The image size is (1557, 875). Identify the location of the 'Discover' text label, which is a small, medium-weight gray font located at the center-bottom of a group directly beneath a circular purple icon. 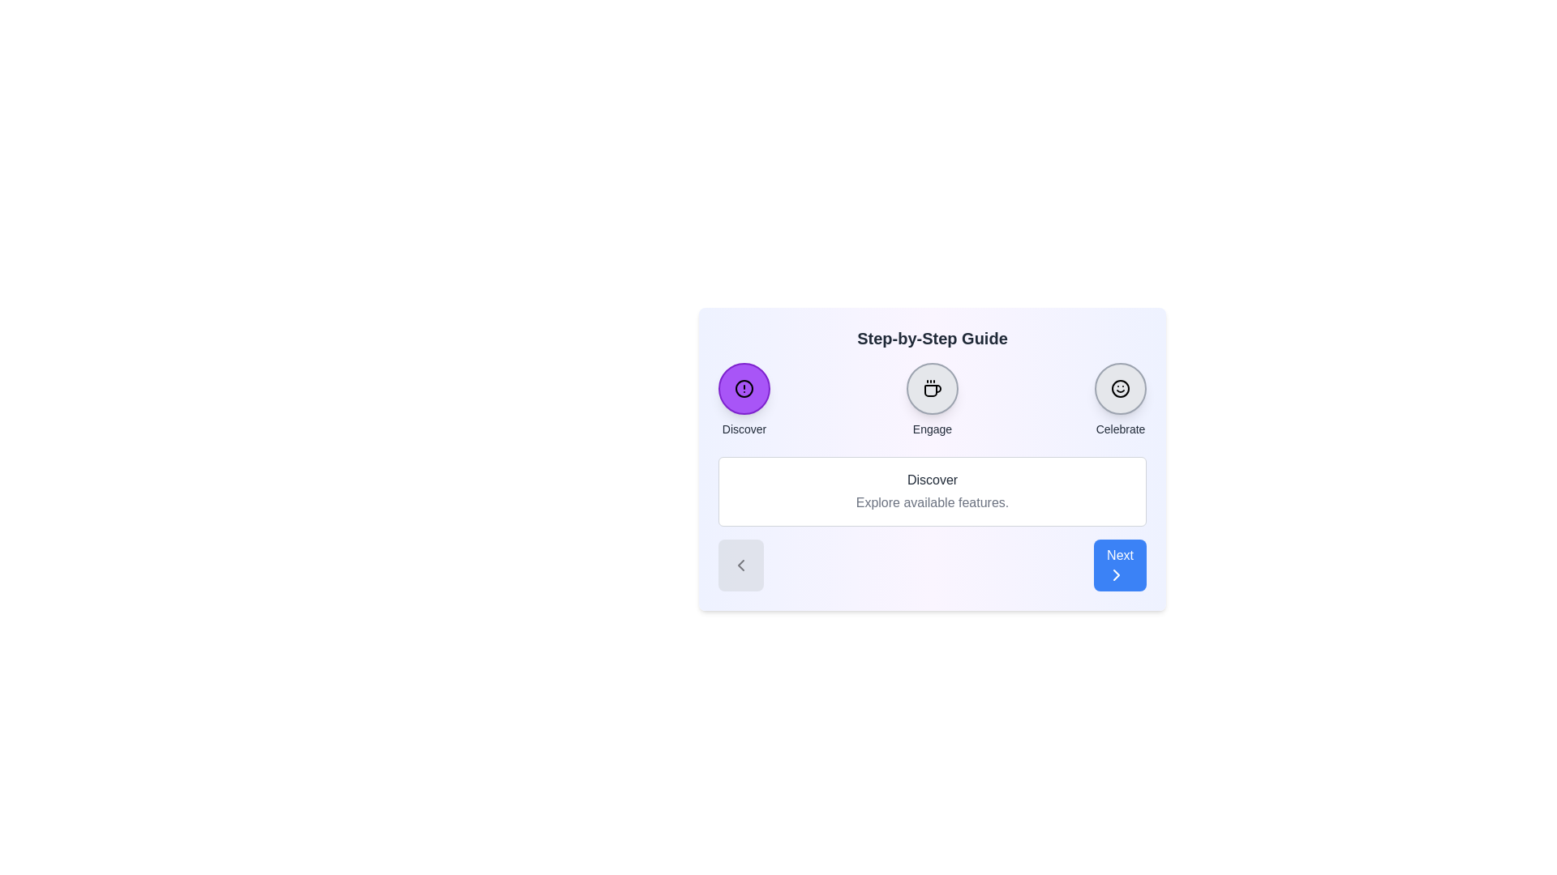
(743, 428).